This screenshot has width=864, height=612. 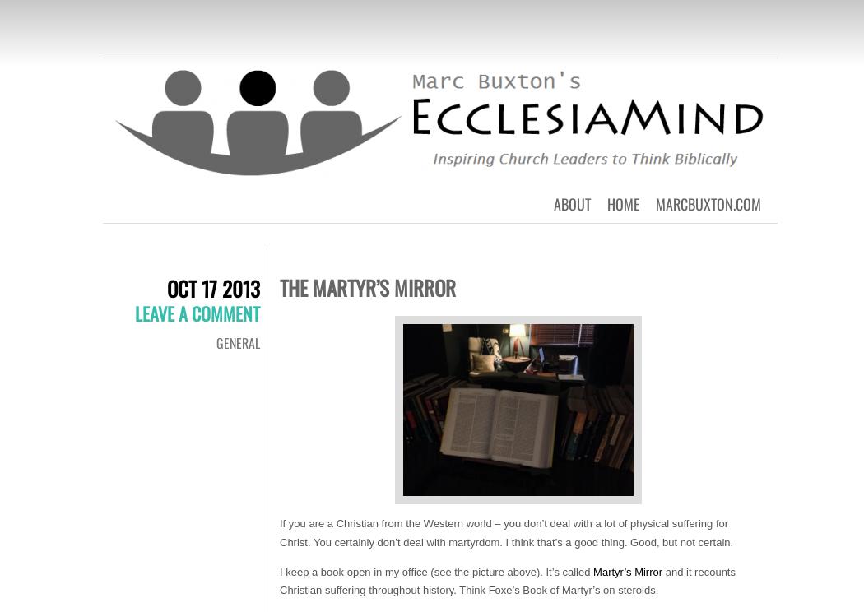 What do you see at coordinates (708, 202) in the screenshot?
I see `'marcbuxton.com'` at bounding box center [708, 202].